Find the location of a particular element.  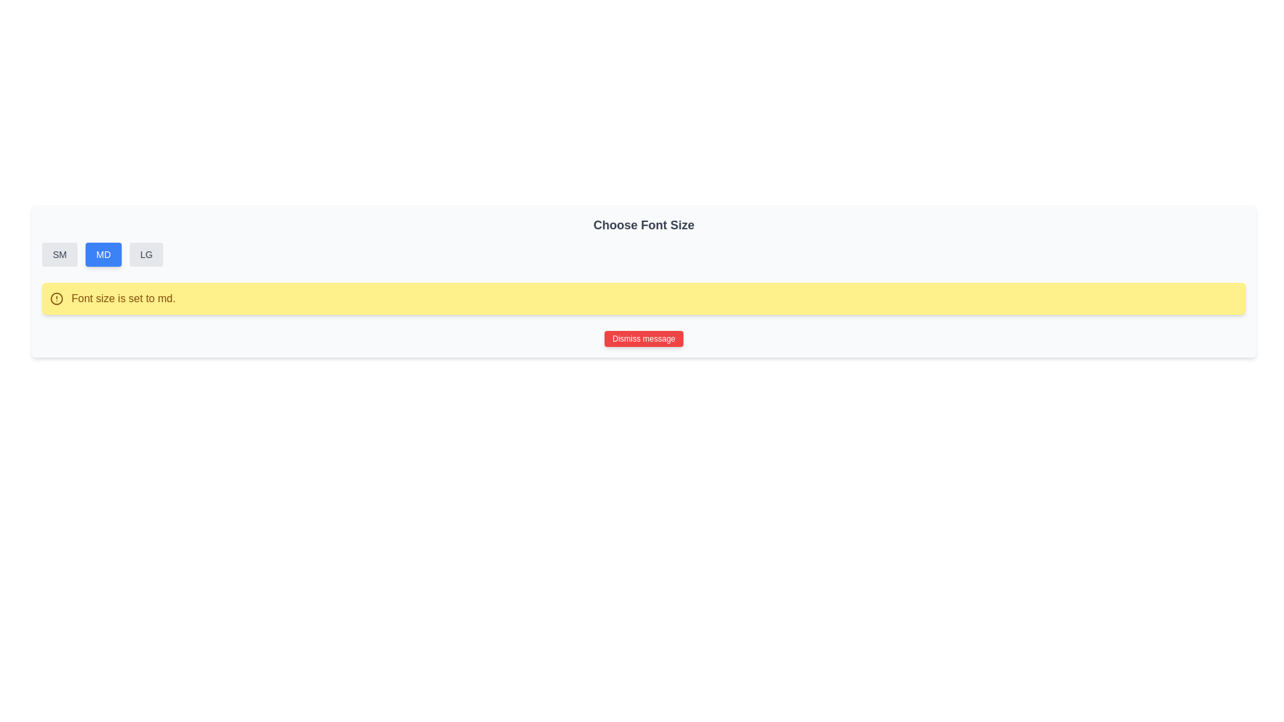

the warning icon is located at coordinates (56, 298).